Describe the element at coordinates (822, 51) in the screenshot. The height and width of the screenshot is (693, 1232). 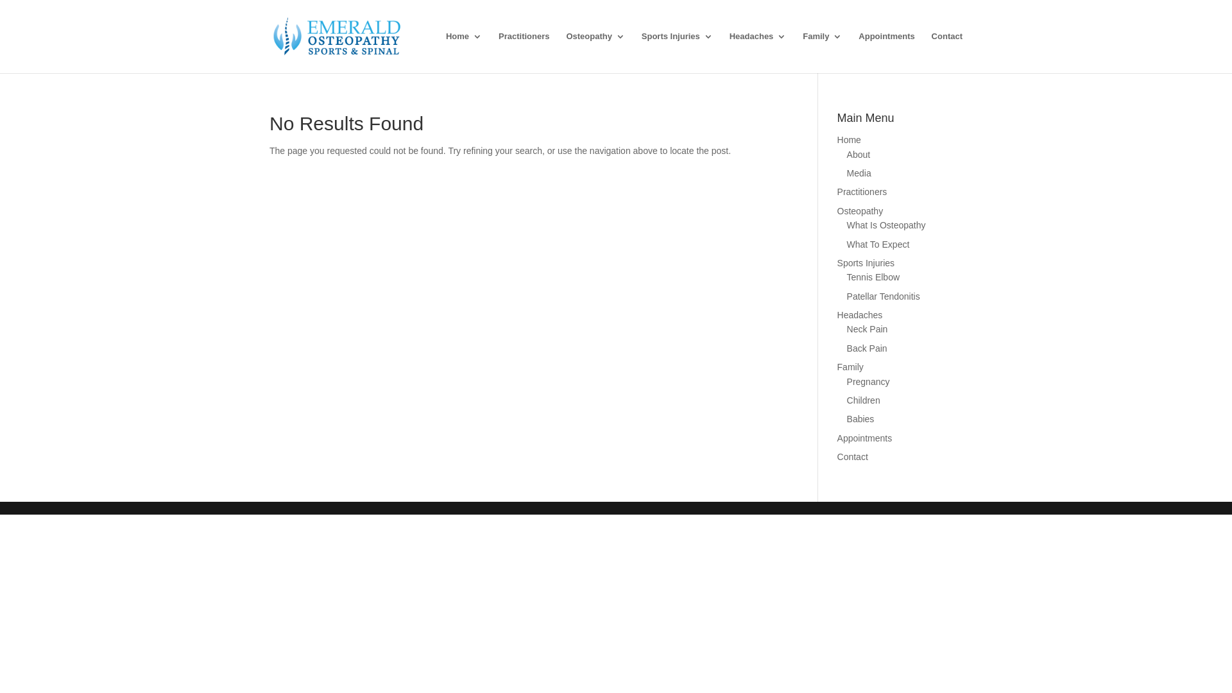
I see `'Family'` at that location.